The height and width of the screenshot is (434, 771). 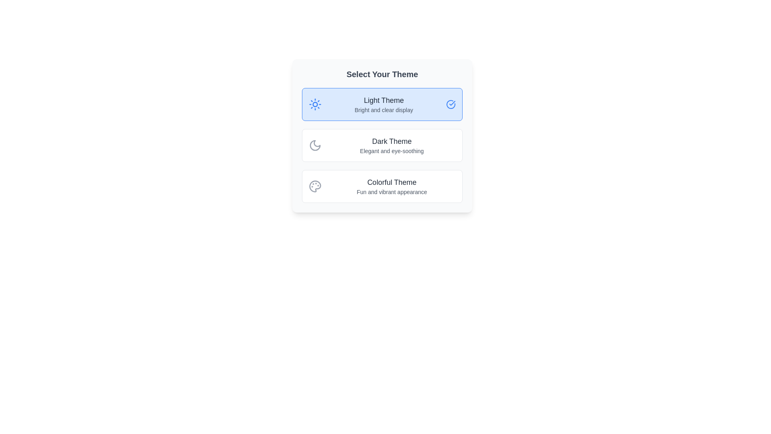 I want to click on the 'Colorful Theme' icon located to the left of the text label in the 'Select Your Theme' section, so click(x=315, y=186).